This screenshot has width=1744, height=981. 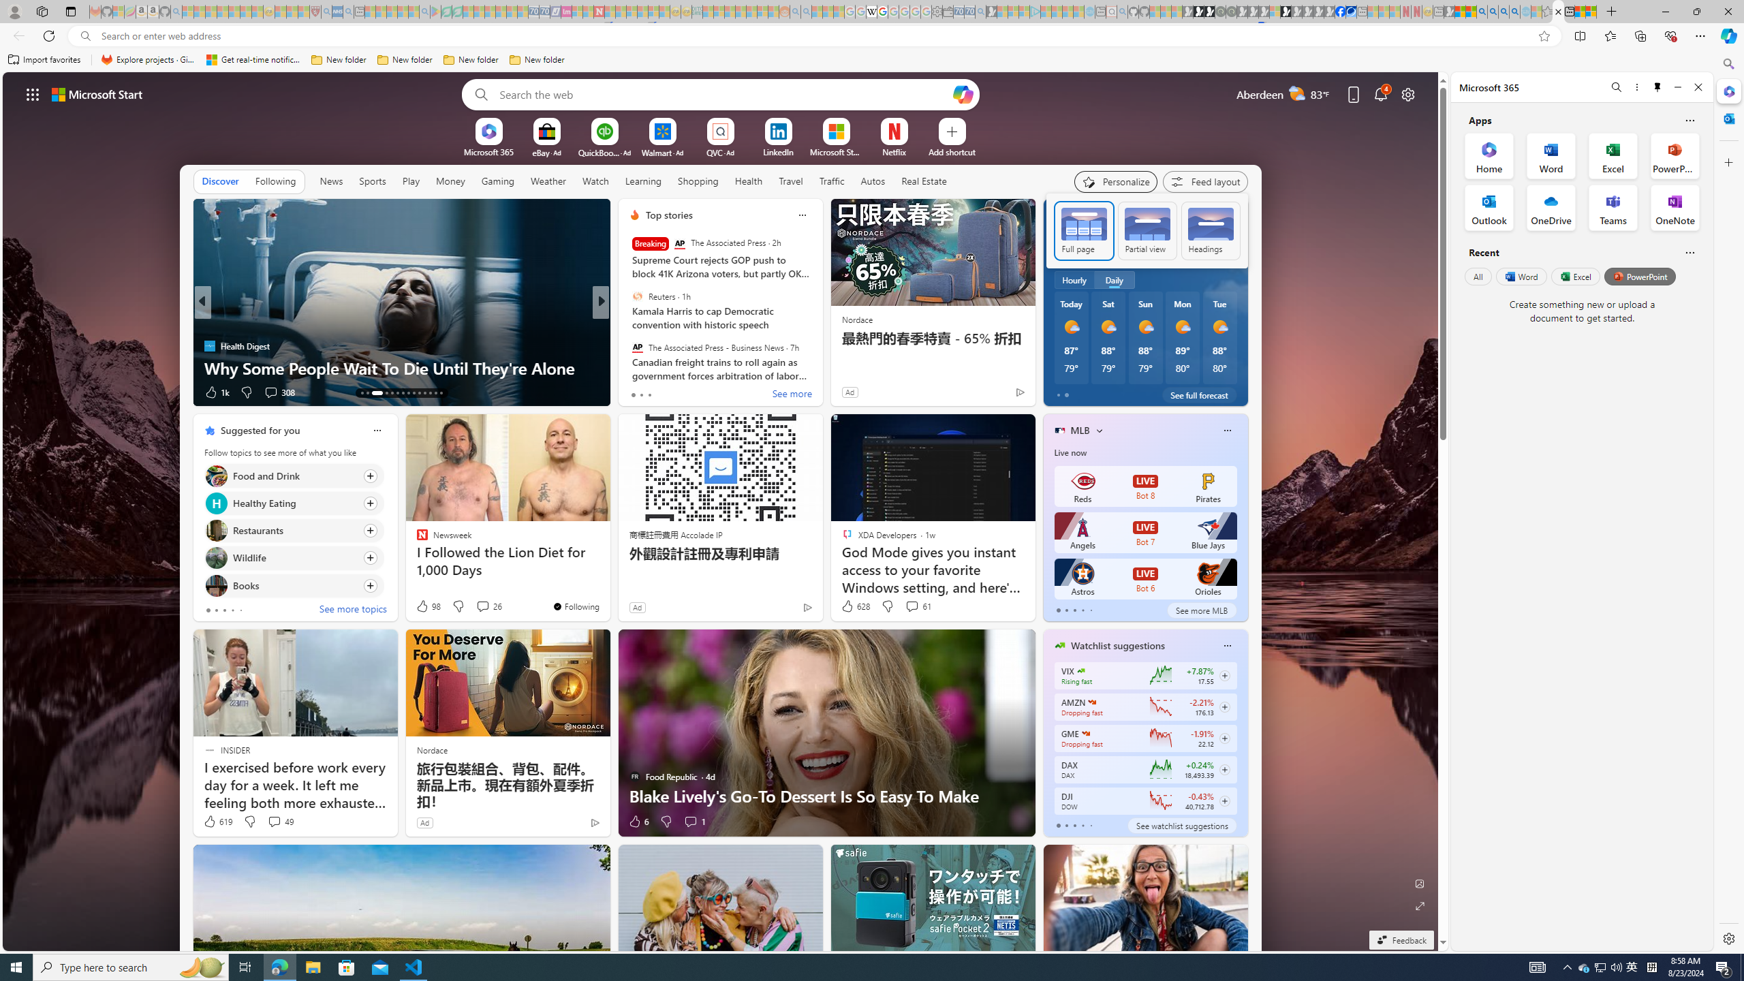 What do you see at coordinates (627, 323) in the screenshot?
I see `'ZDNet'` at bounding box center [627, 323].